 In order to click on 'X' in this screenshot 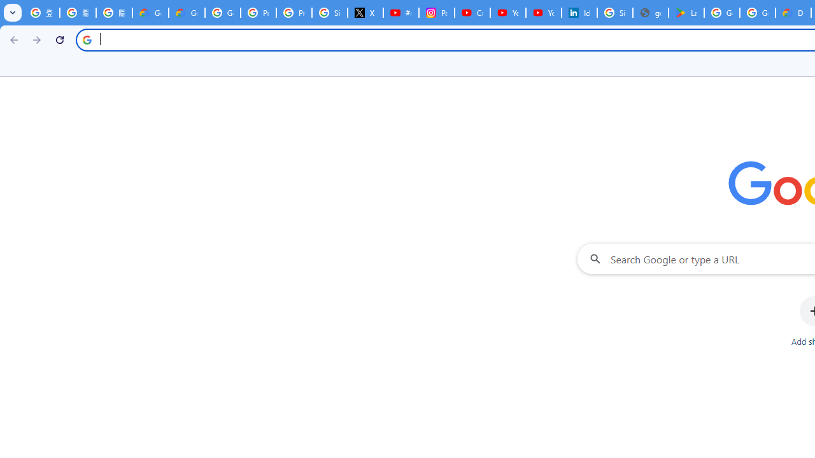, I will do `click(365, 13)`.